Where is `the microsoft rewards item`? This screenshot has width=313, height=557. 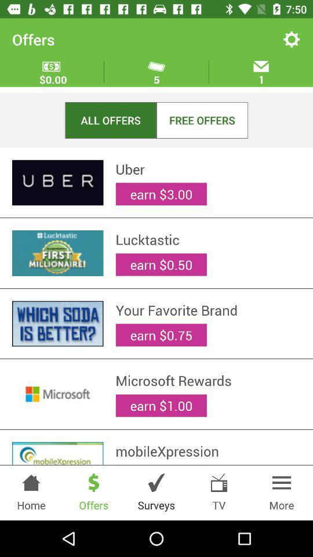 the microsoft rewards item is located at coordinates (208, 380).